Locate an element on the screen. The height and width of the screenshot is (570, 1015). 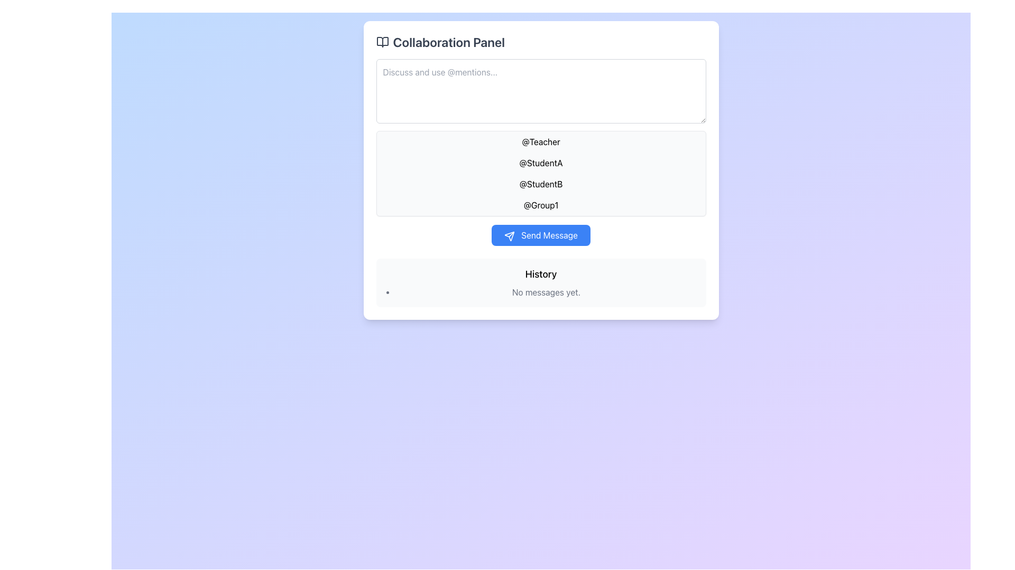
the prominent icon indicating collaboration, located at the top-left corner of the 'Collaboration Panel' title section is located at coordinates (382, 42).